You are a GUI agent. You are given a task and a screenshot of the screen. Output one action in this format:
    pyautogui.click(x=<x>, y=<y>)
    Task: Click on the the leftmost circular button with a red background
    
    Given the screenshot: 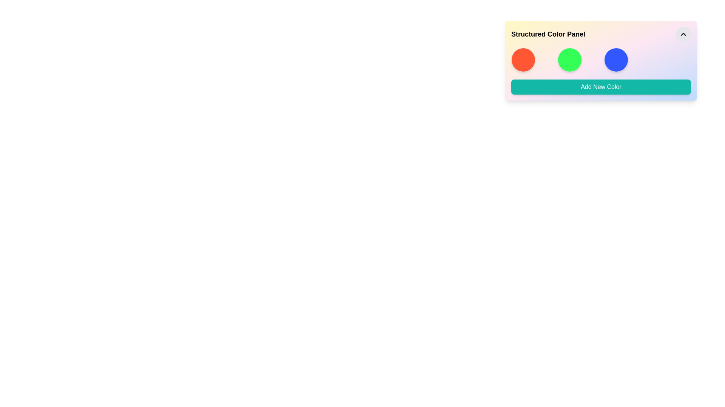 What is the action you would take?
    pyautogui.click(x=523, y=59)
    